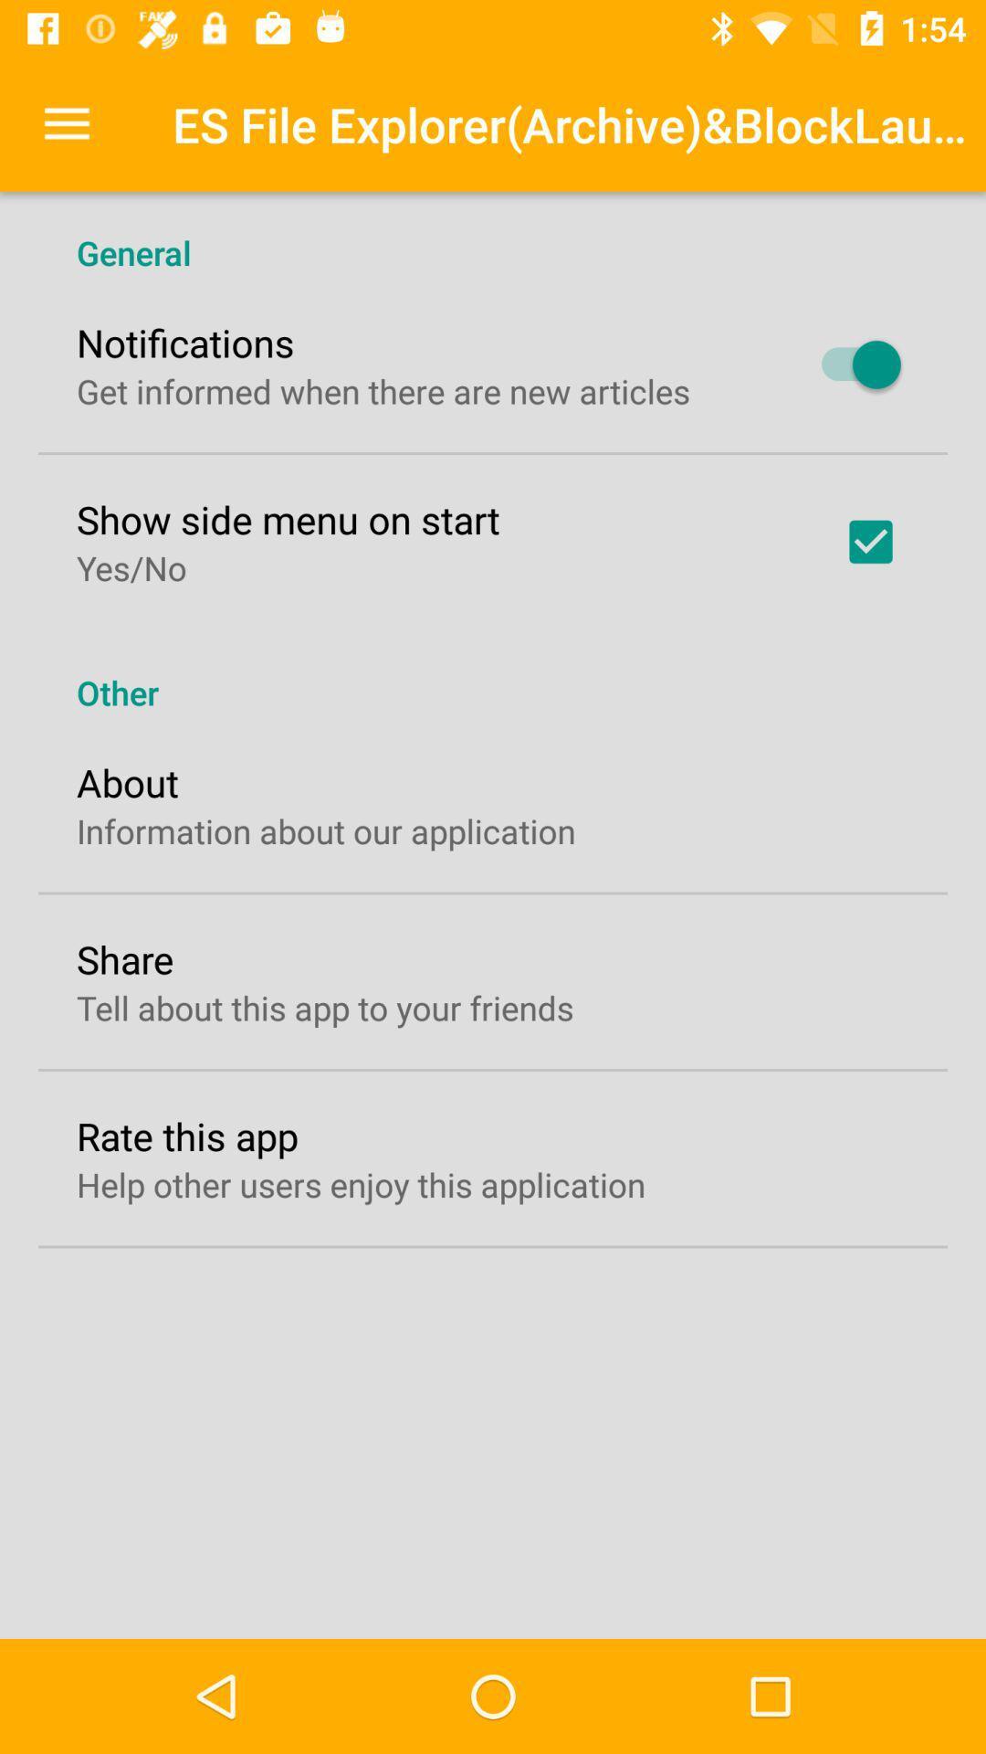 The image size is (986, 1754). What do you see at coordinates (124, 958) in the screenshot?
I see `the item above tell about this item` at bounding box center [124, 958].